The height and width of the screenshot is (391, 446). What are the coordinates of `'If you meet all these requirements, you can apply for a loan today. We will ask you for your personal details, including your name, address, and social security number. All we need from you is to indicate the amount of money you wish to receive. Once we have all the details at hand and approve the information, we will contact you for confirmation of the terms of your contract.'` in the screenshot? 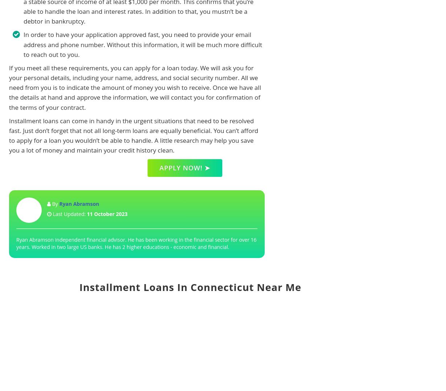 It's located at (134, 87).